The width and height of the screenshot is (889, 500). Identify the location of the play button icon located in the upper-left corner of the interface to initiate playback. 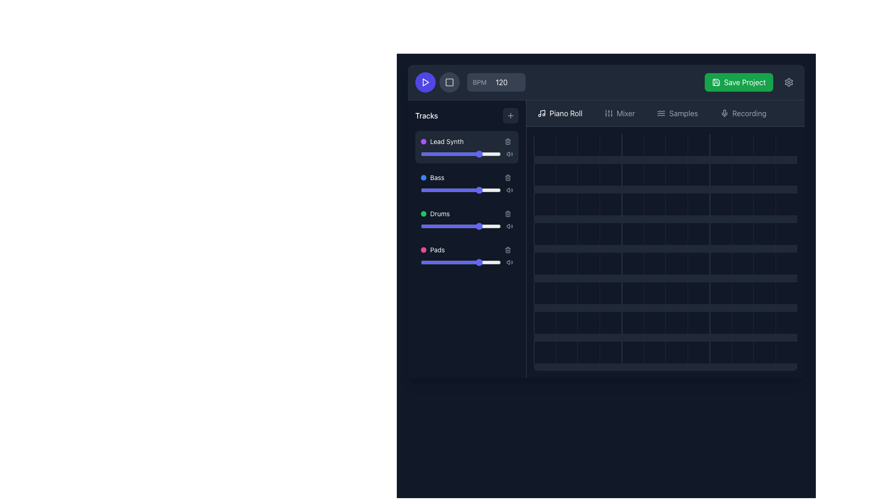
(425, 81).